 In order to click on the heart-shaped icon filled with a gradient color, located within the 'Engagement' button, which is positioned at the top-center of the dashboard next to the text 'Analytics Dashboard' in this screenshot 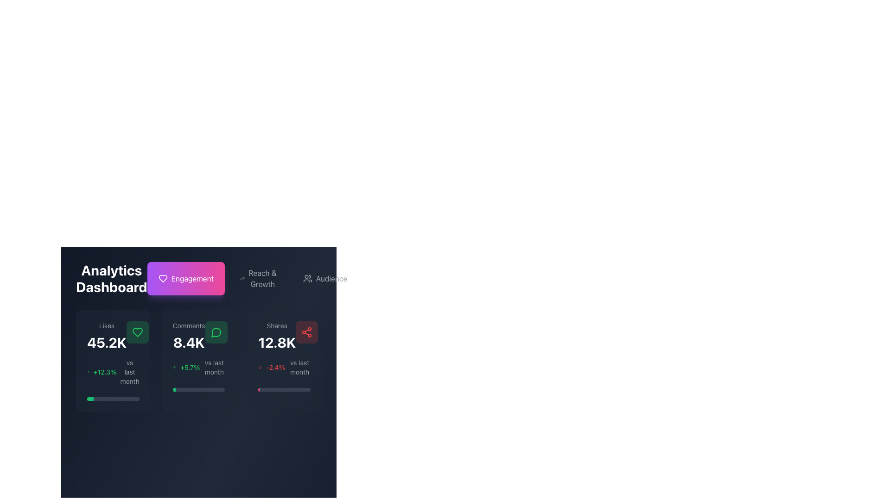, I will do `click(163, 278)`.